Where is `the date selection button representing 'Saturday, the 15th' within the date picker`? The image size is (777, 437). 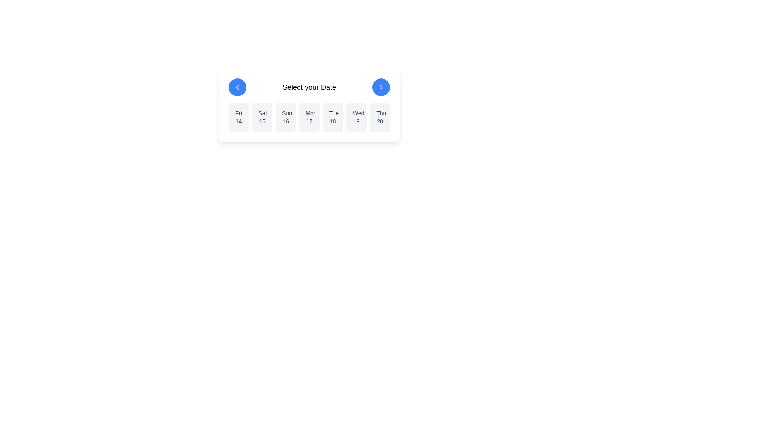
the date selection button representing 'Saturday, the 15th' within the date picker is located at coordinates (262, 117).